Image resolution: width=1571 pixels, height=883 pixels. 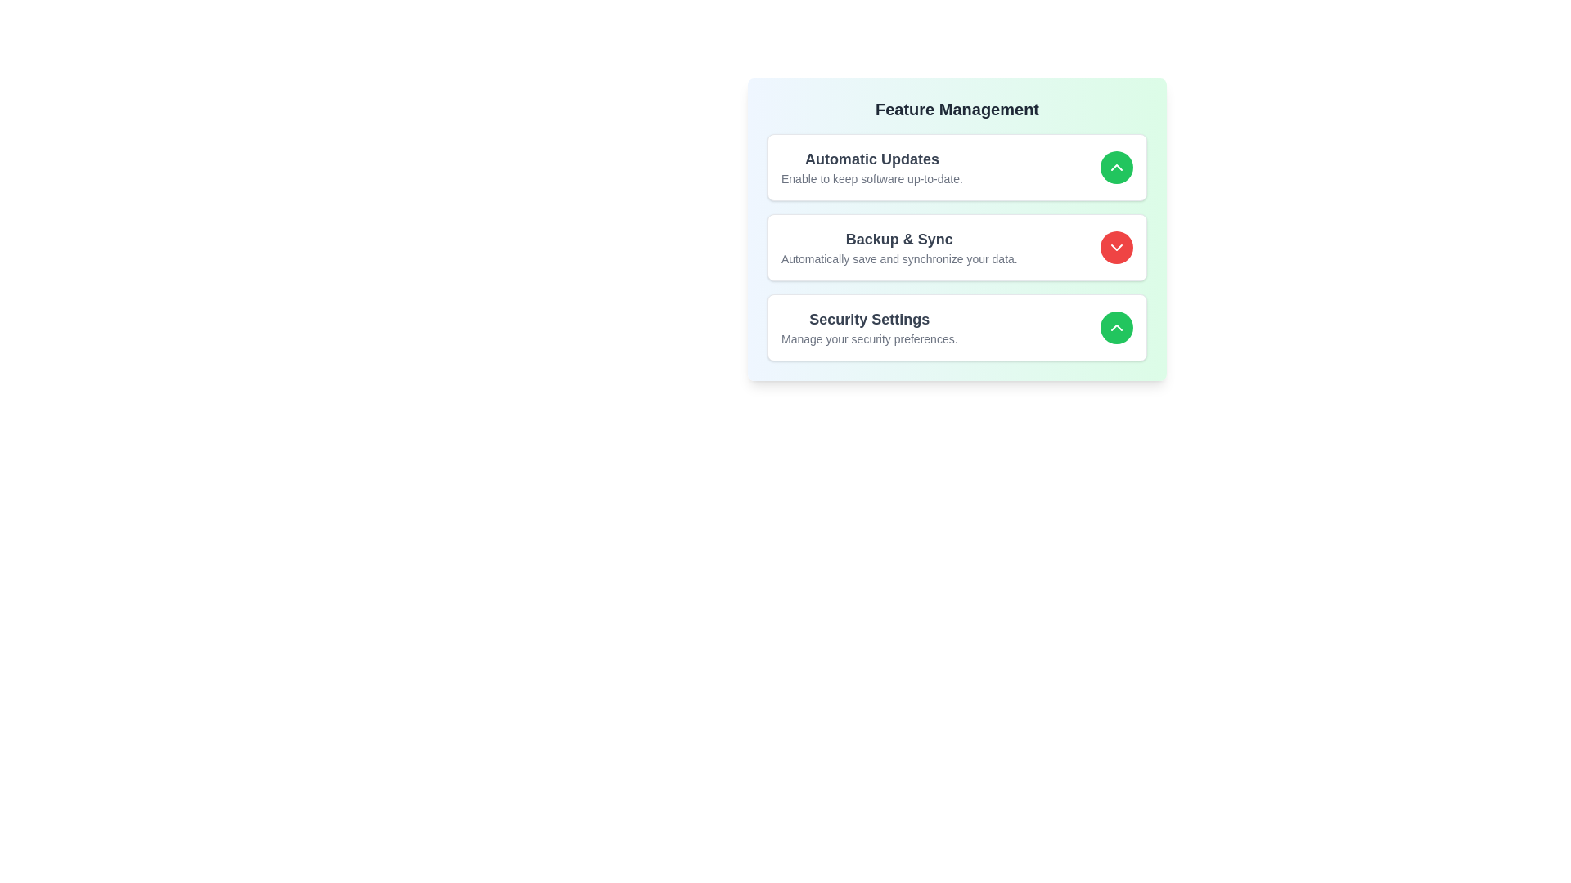 I want to click on the description of the feature Security Settings, so click(x=868, y=328).